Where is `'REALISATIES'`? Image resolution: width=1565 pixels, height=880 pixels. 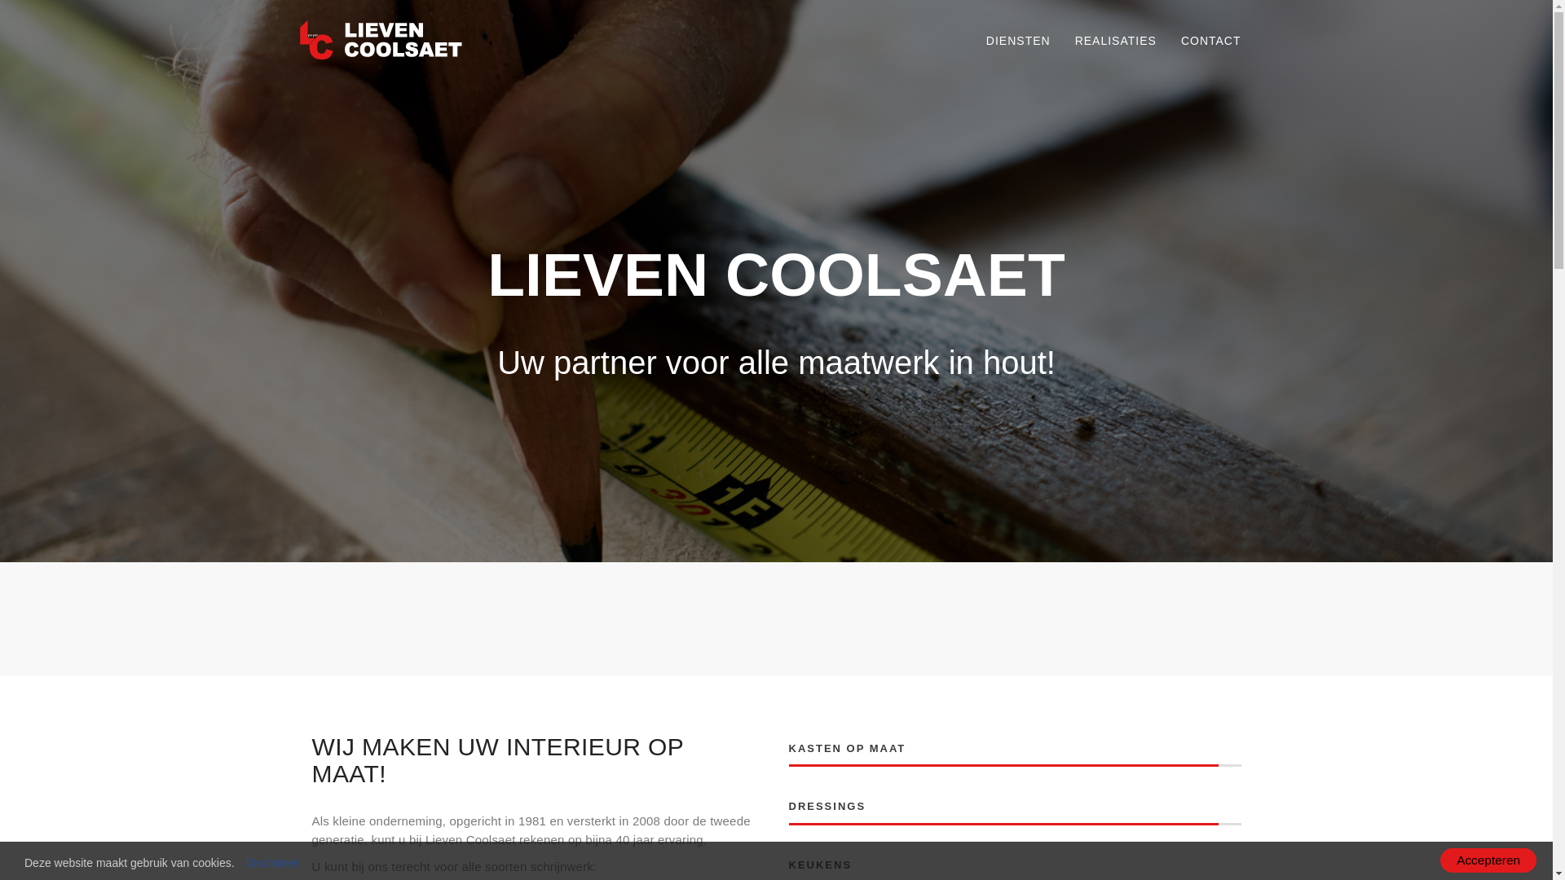
'REALISATIES' is located at coordinates (1063, 40).